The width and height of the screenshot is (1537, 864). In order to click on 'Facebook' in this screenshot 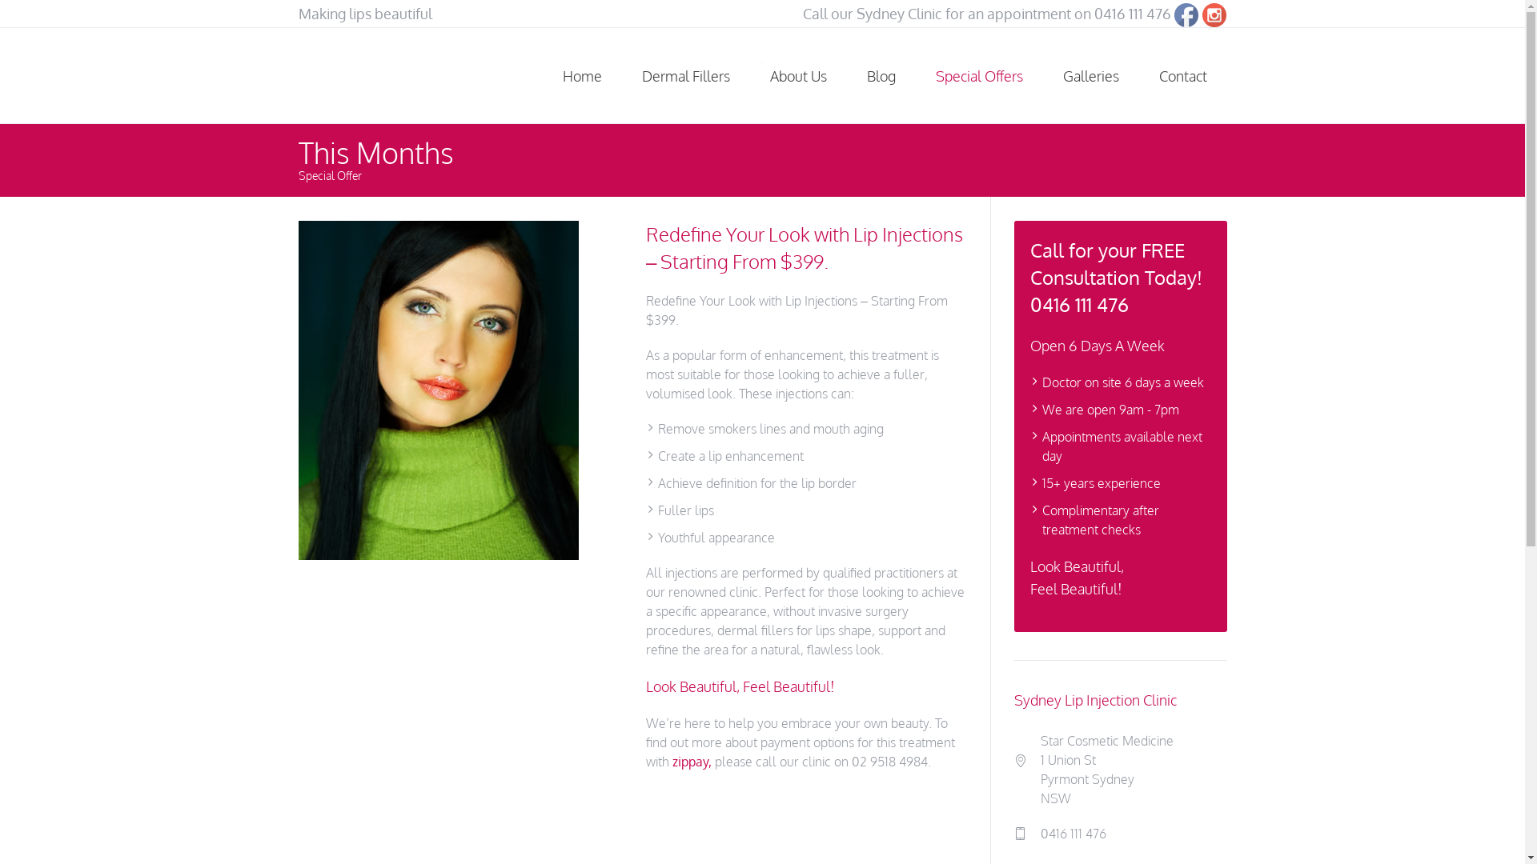, I will do `click(1174, 15)`.